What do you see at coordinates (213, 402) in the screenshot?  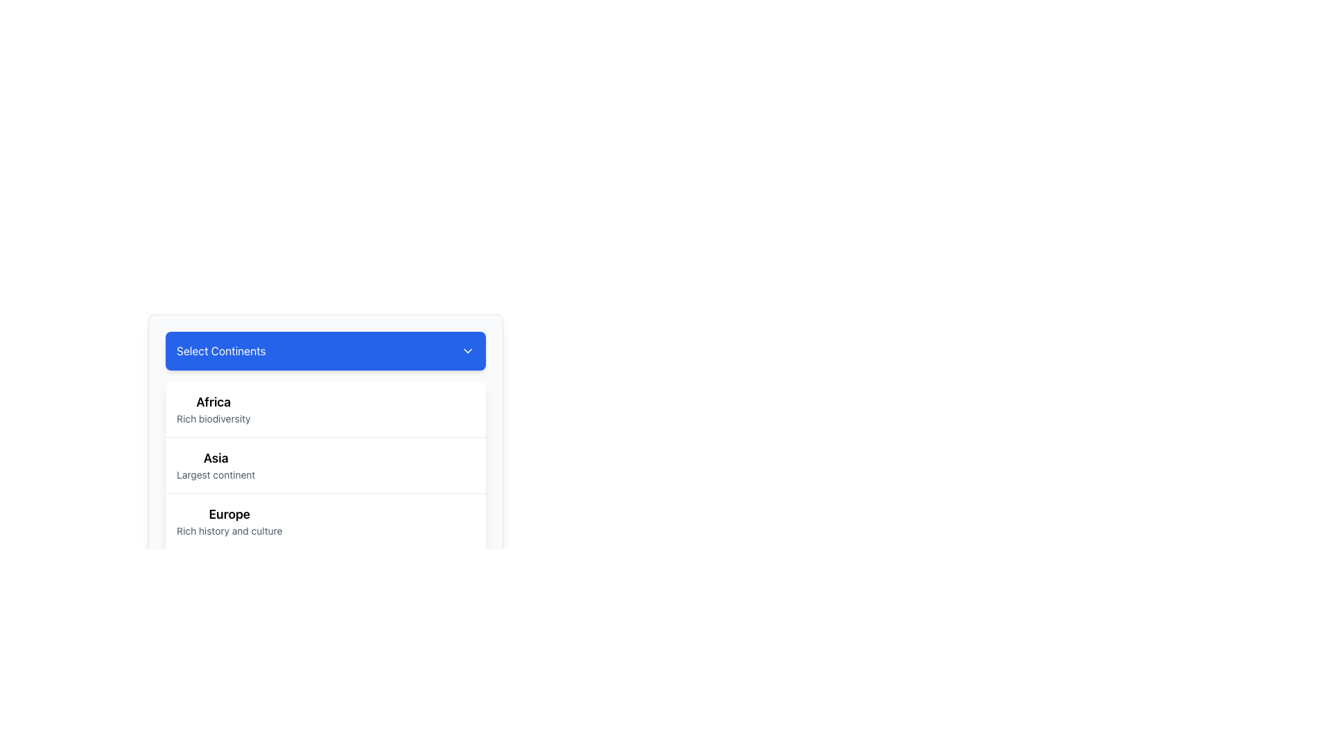 I see `the text label for the continent Africa, which is the first item in the list below the 'Select Continents' dropdown` at bounding box center [213, 402].